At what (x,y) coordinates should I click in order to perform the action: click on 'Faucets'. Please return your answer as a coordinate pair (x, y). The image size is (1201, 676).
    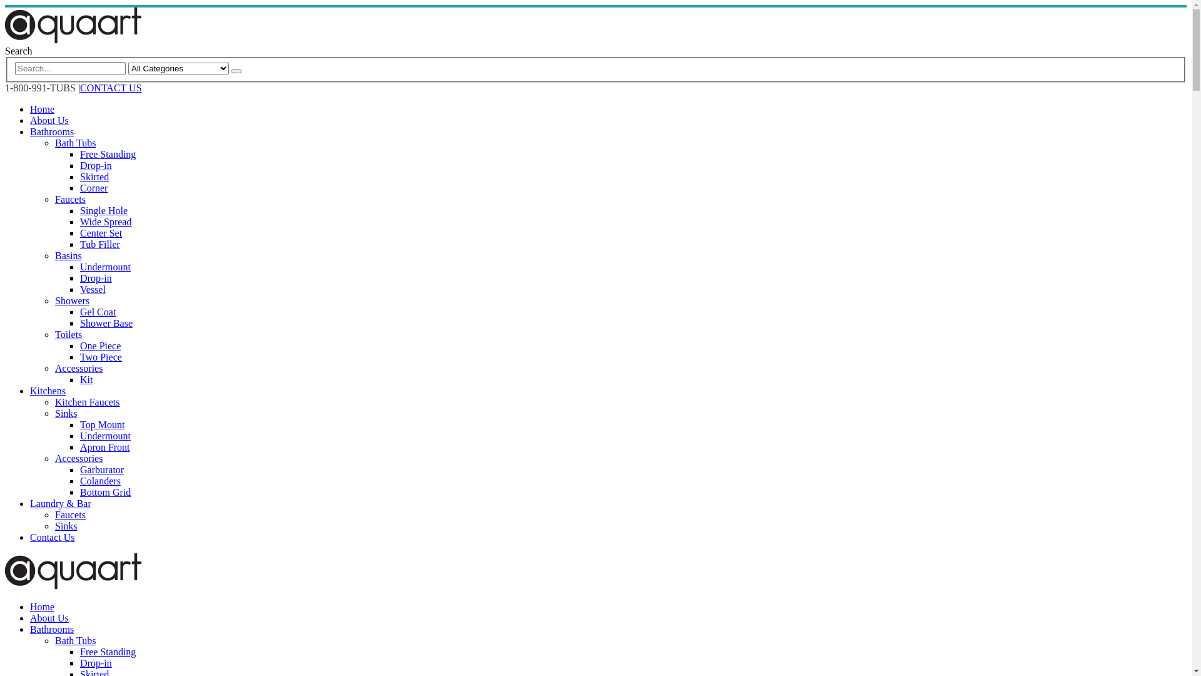
    Looking at the image, I should click on (69, 515).